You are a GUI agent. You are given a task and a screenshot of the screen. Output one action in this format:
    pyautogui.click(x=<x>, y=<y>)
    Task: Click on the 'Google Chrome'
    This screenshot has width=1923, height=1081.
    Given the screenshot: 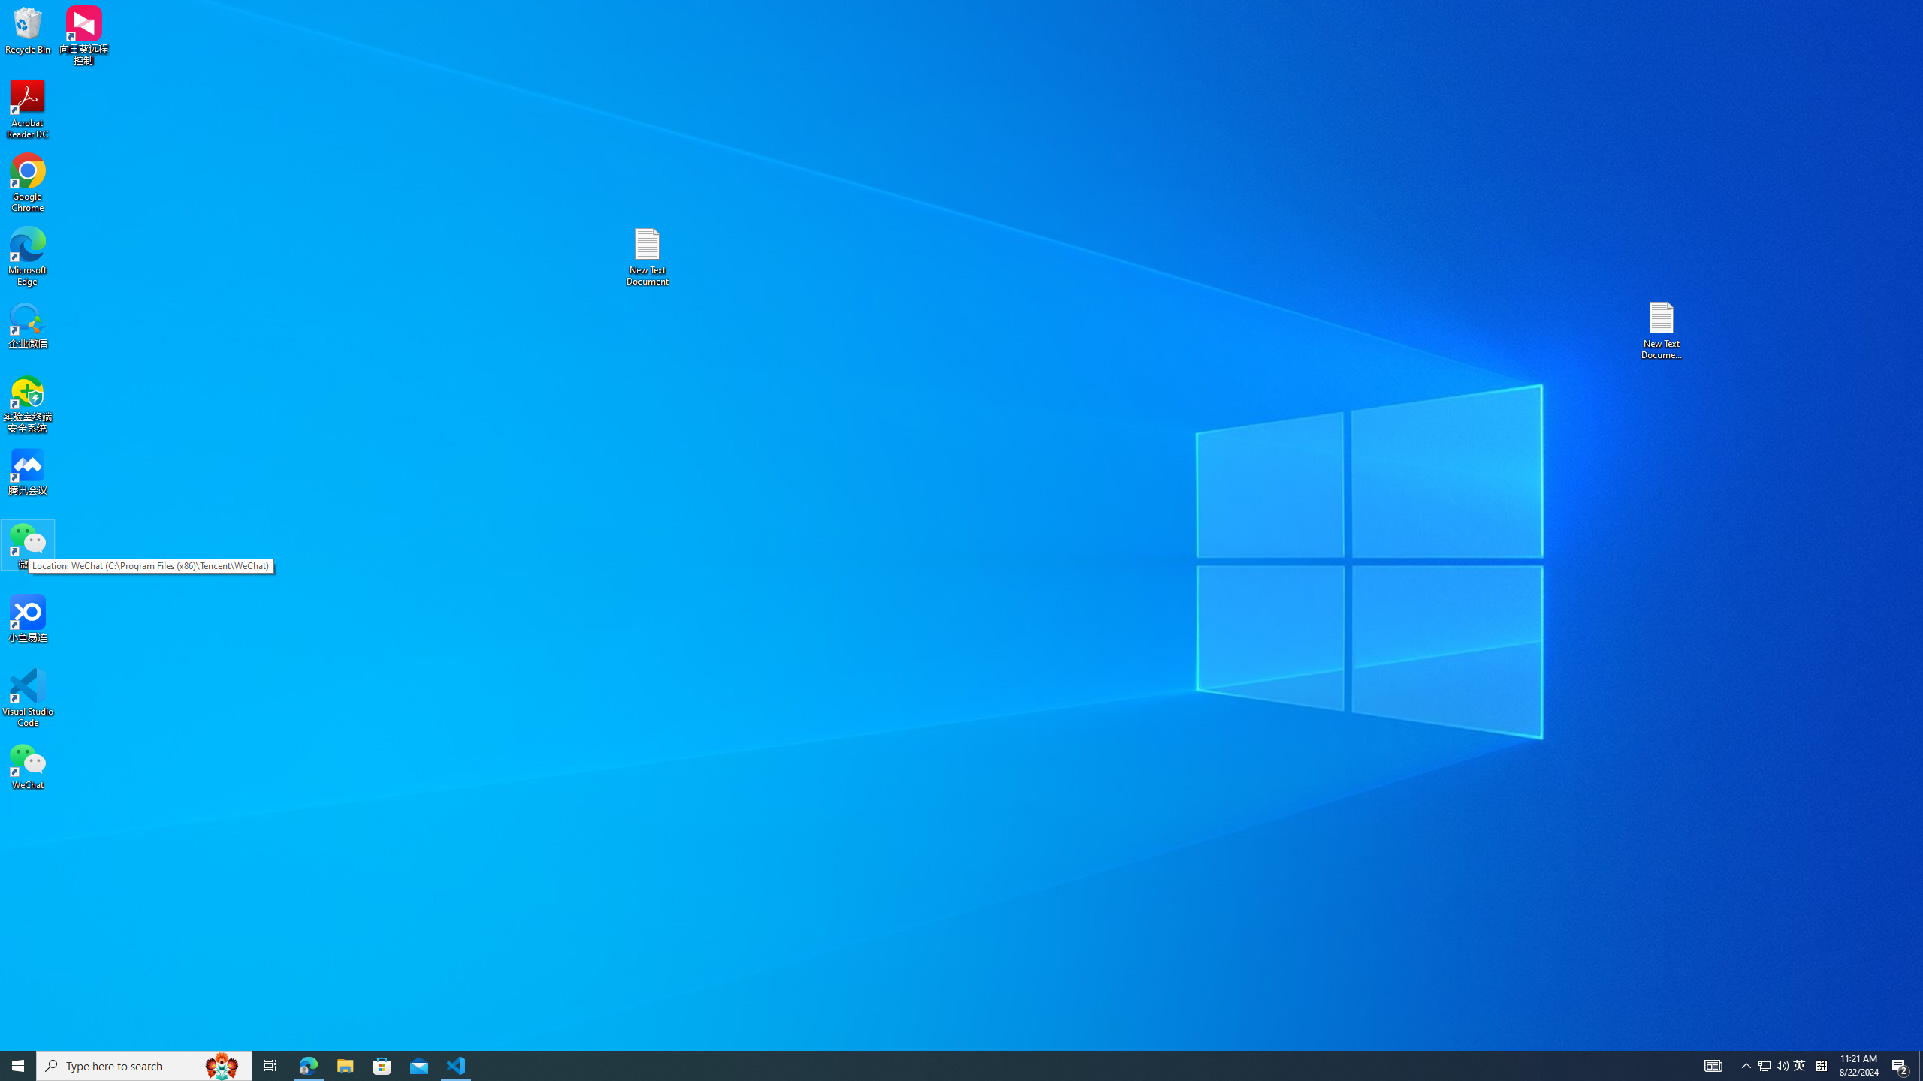 What is the action you would take?
    pyautogui.click(x=27, y=183)
    